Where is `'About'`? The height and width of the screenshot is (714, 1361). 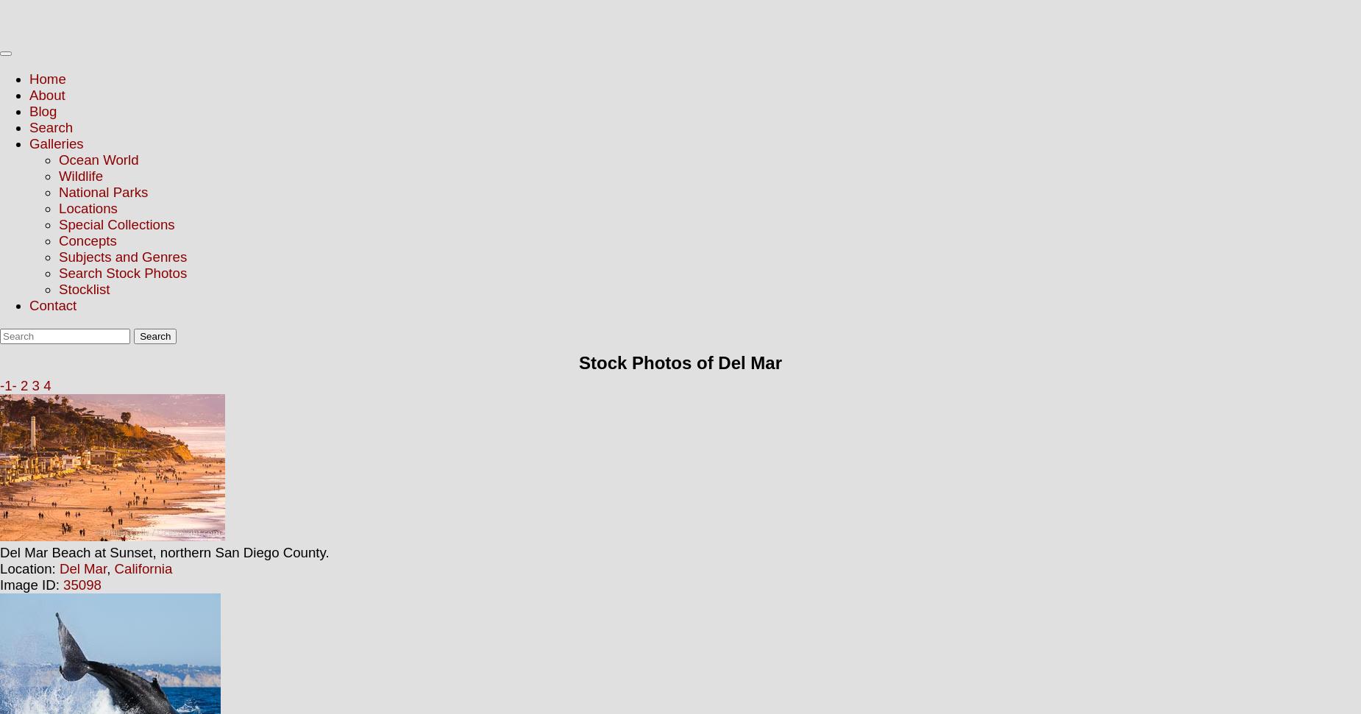
'About' is located at coordinates (46, 94).